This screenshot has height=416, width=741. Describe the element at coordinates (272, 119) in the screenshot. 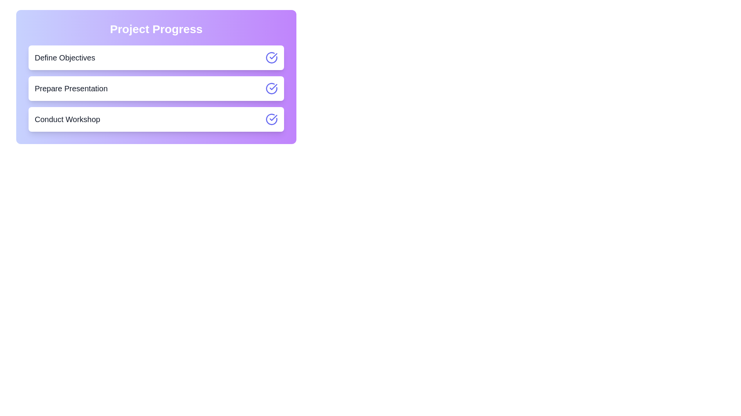

I see `the toggle button for the task 'Conduct Workshop'` at that location.